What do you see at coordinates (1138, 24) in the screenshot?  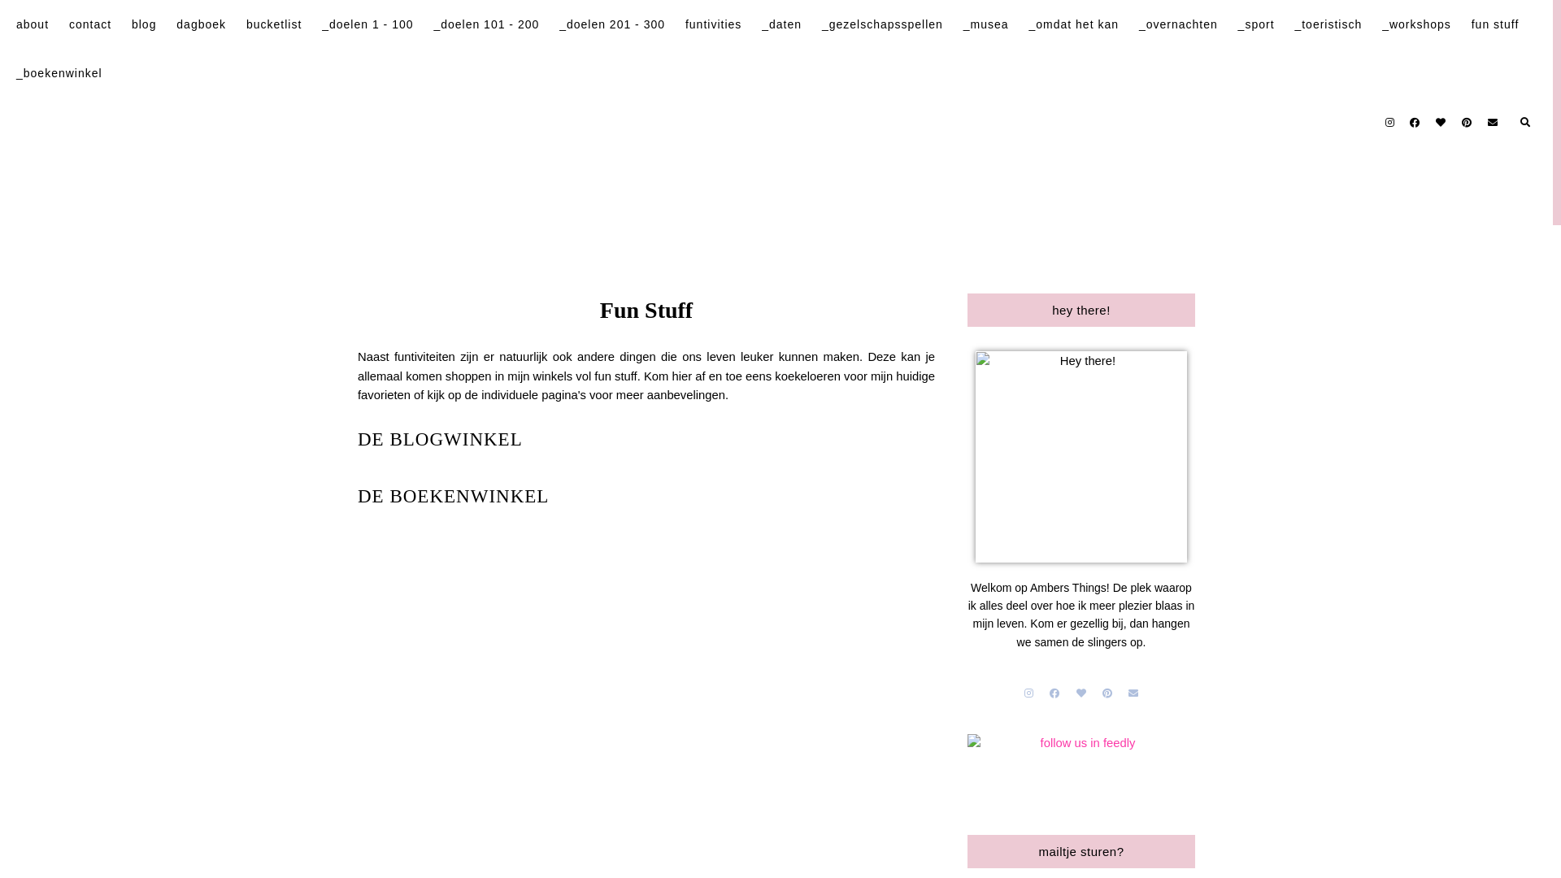 I see `'_overnachten'` at bounding box center [1138, 24].